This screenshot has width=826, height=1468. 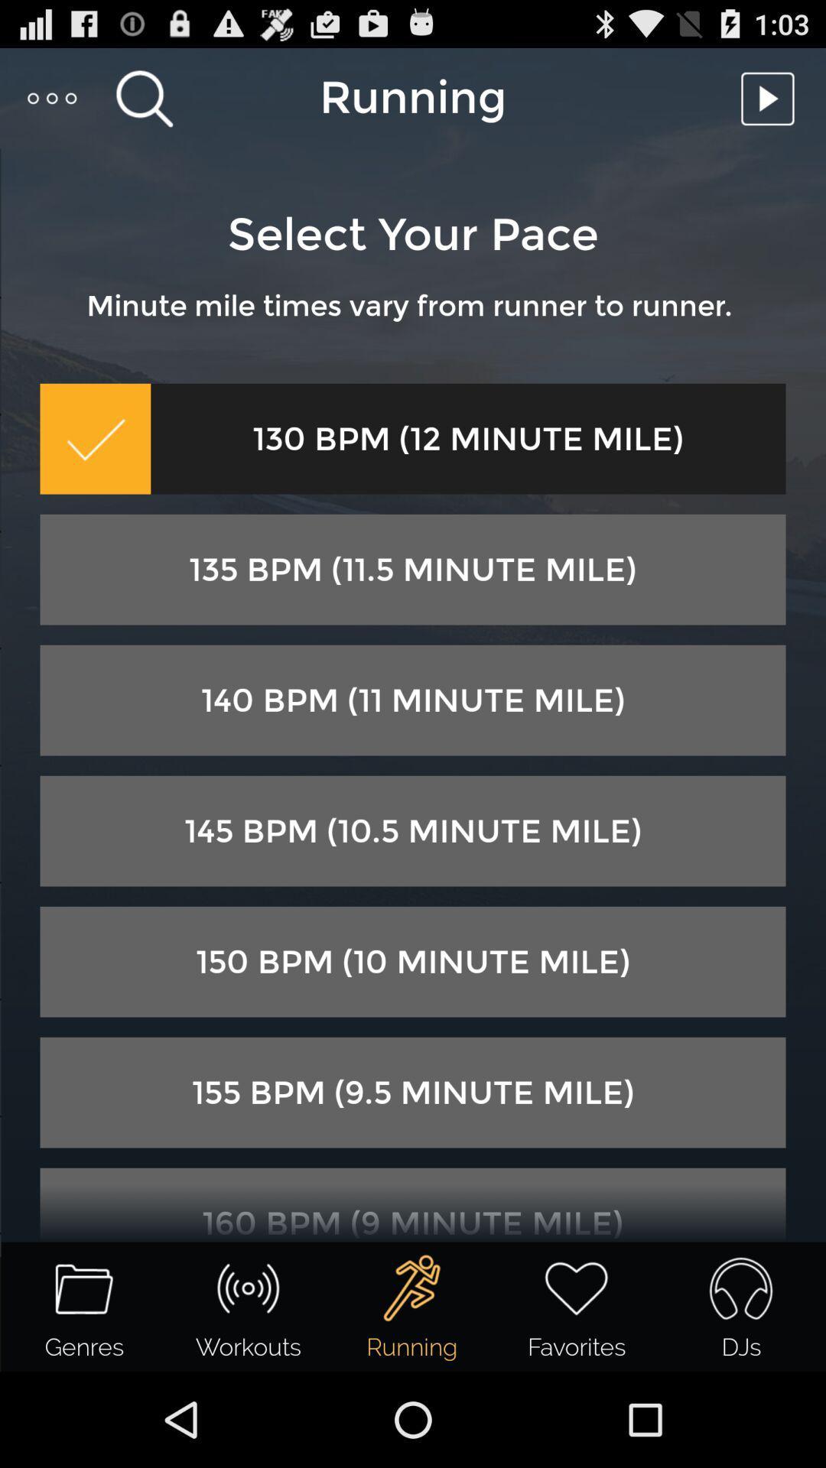 I want to click on search bar, so click(x=144, y=97).